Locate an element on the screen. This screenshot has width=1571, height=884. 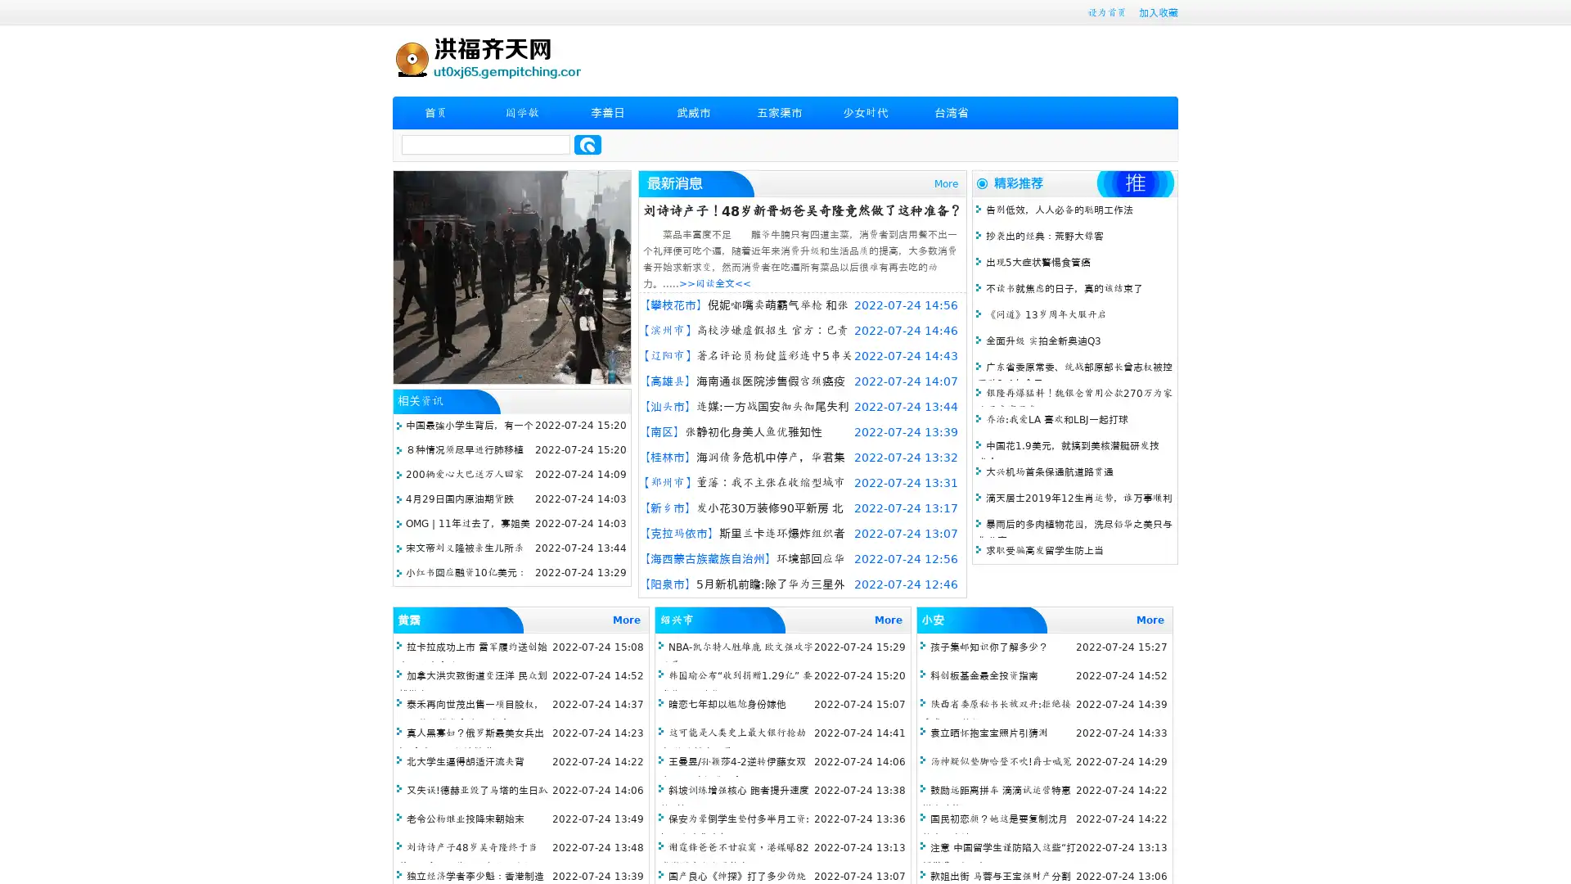
Search is located at coordinates (587, 144).